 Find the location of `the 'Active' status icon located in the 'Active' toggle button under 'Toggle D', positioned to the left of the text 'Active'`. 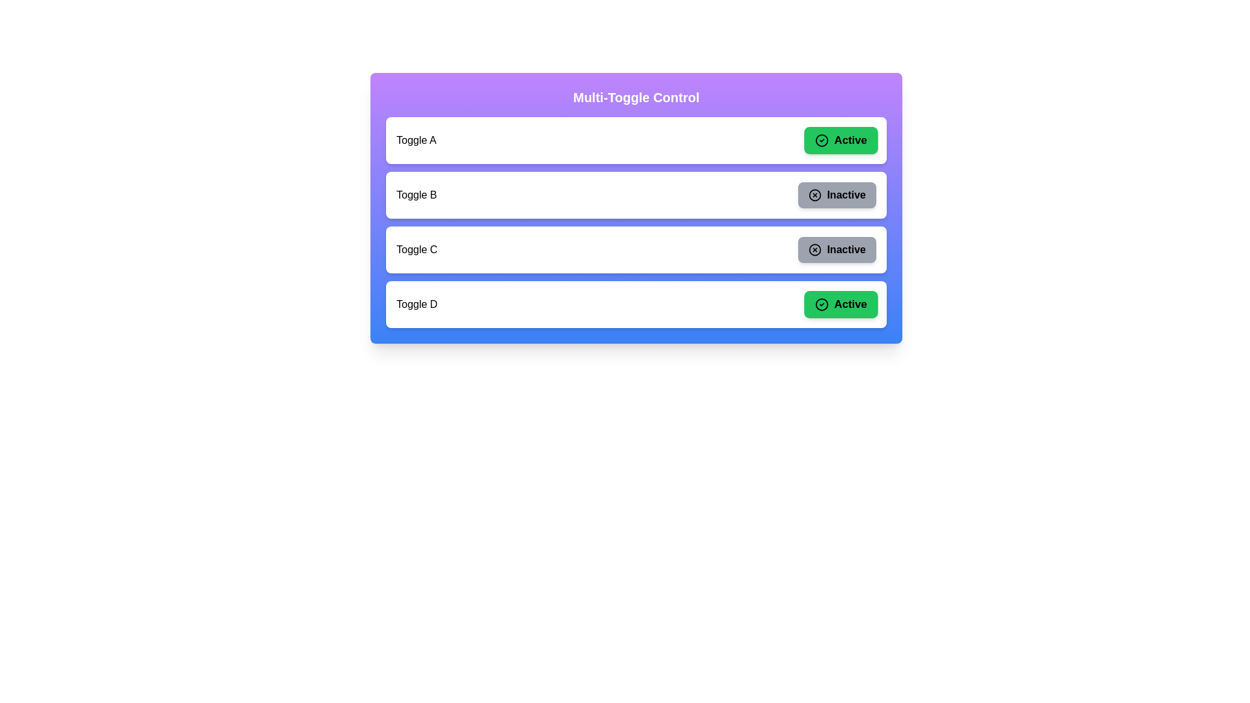

the 'Active' status icon located in the 'Active' toggle button under 'Toggle D', positioned to the left of the text 'Active' is located at coordinates (821, 304).